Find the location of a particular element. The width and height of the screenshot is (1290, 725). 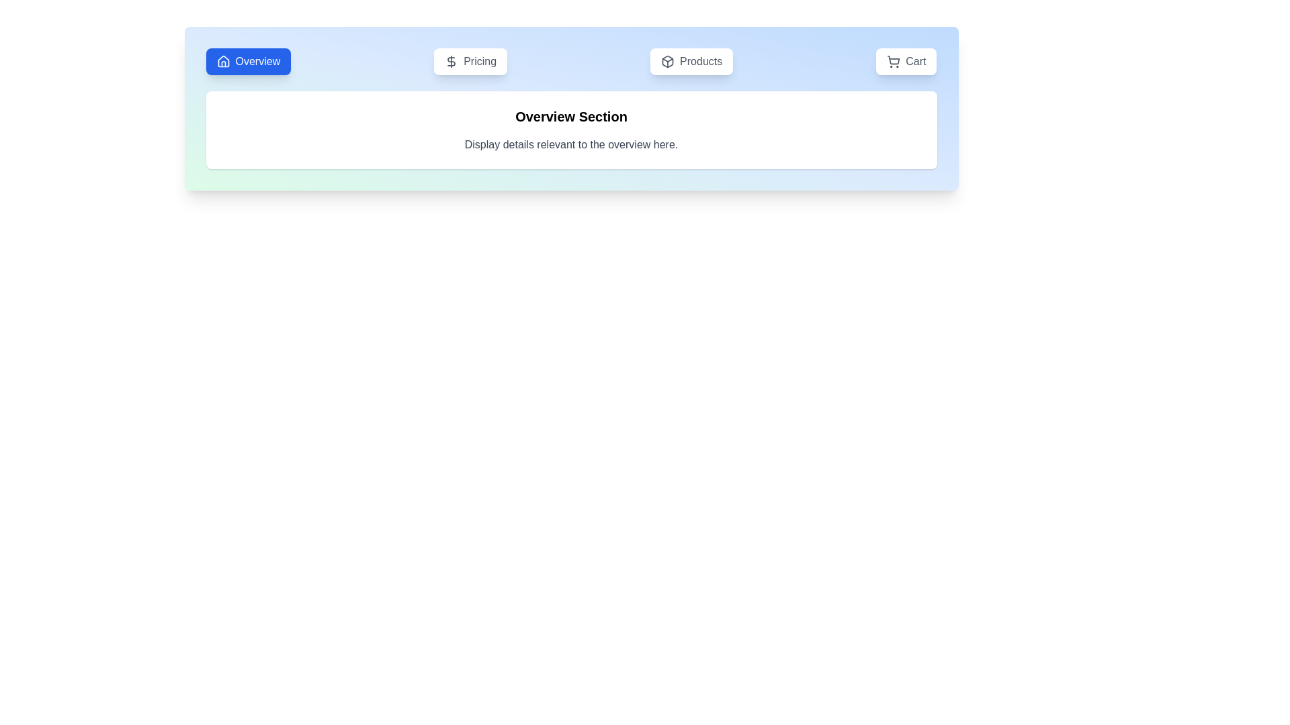

the button labeled Overview is located at coordinates (248, 62).